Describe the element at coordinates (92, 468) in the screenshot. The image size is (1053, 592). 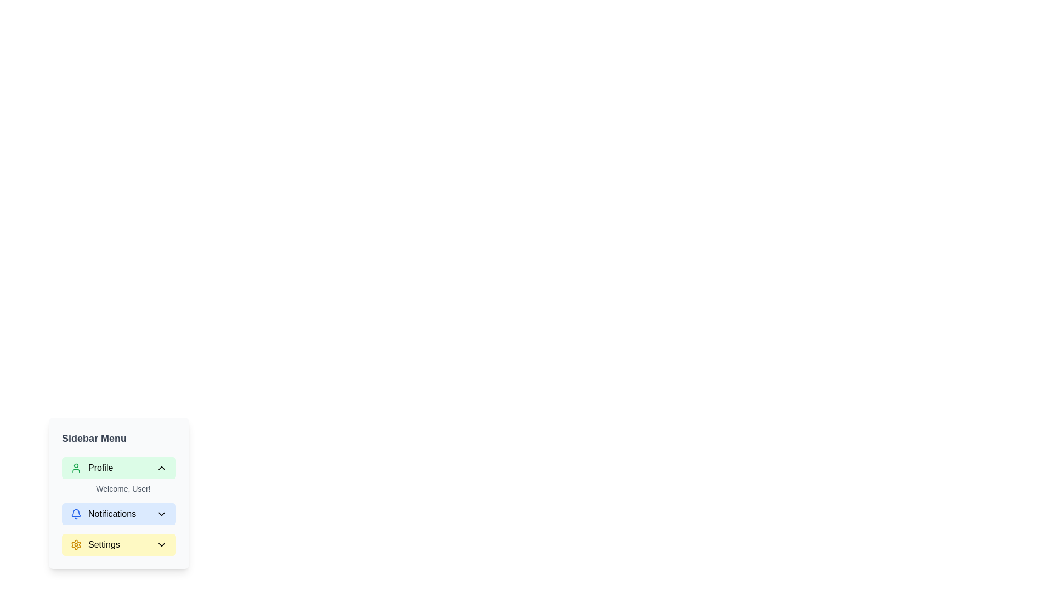
I see `the 'Profile' text label which is styled in black and located within a green background area, positioned to the right of a user silhouette icon in a vertical menu` at that location.